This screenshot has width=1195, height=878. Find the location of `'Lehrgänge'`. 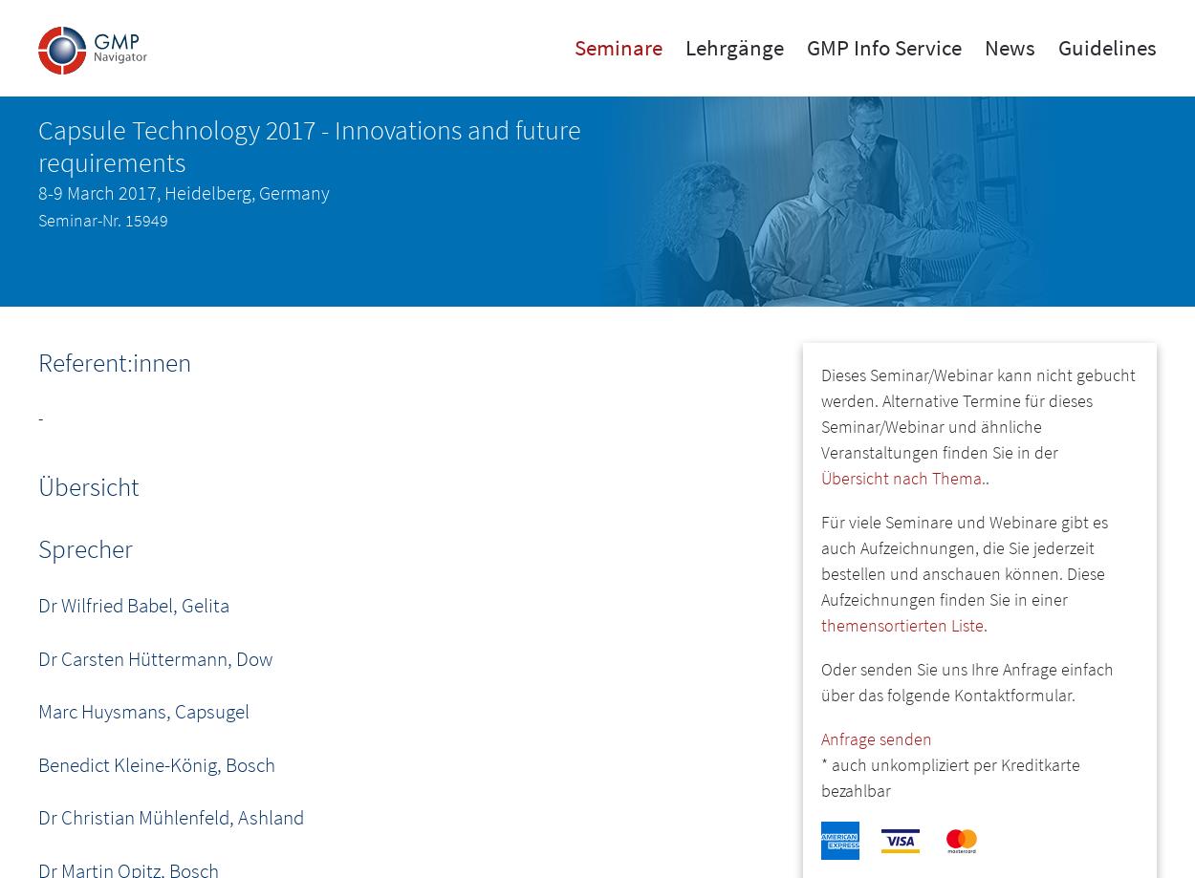

'Lehrgänge' is located at coordinates (684, 47).